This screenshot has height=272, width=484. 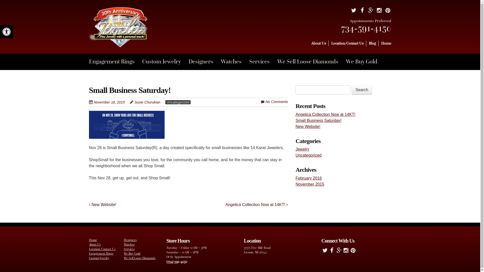 I want to click on 'Services', so click(x=129, y=249).